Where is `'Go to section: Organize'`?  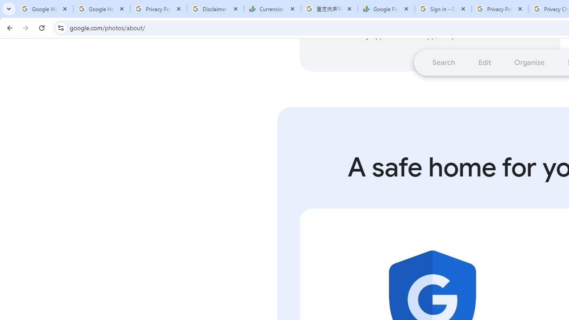 'Go to section: Organize' is located at coordinates (529, 62).